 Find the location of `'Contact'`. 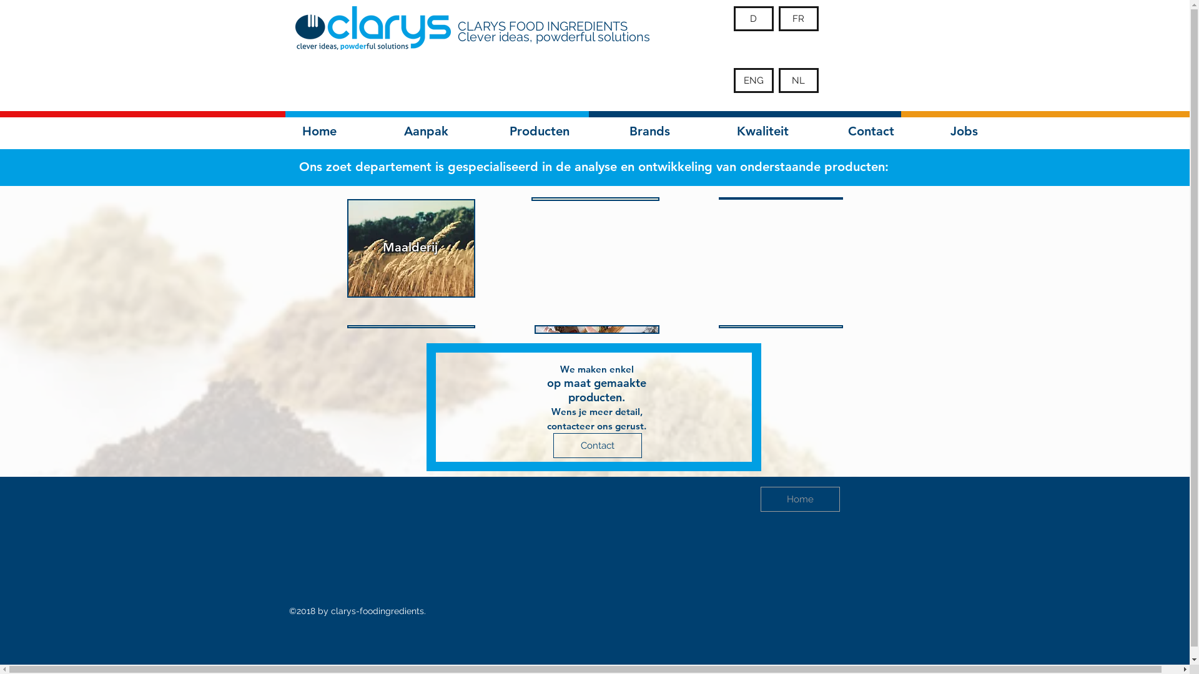

'Contact' is located at coordinates (596, 444).